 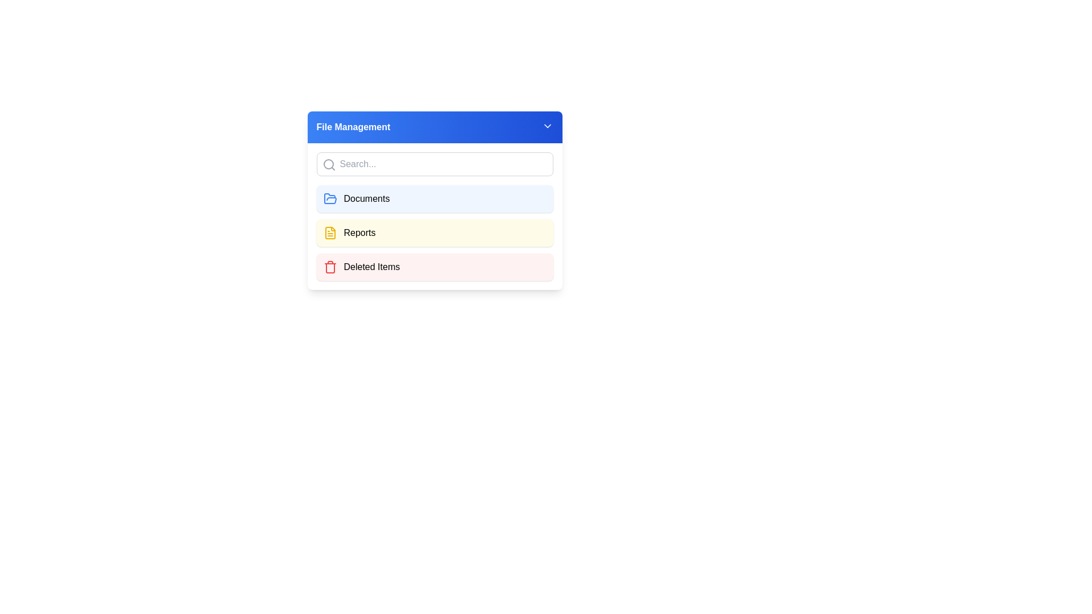 I want to click on the minimalist gray magnifying glass icon located to the left of the search input field to initiate the search, so click(x=328, y=164).